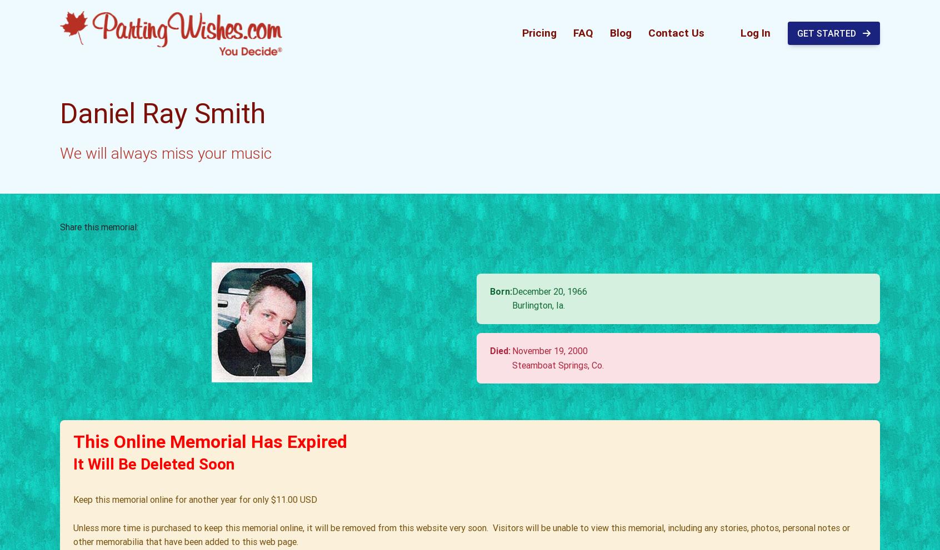 The height and width of the screenshot is (550, 940). What do you see at coordinates (373, 59) in the screenshot?
I see `'I cannot believe it has been so long since I've last seen you. I miss you every day. I still hear you laugh. I still see you smile. I still remember running out of gas at 2 in the morning and pushing that damn truck UP the exit ramp, in heels no less!!! (and a week later running out again!)'` at bounding box center [373, 59].